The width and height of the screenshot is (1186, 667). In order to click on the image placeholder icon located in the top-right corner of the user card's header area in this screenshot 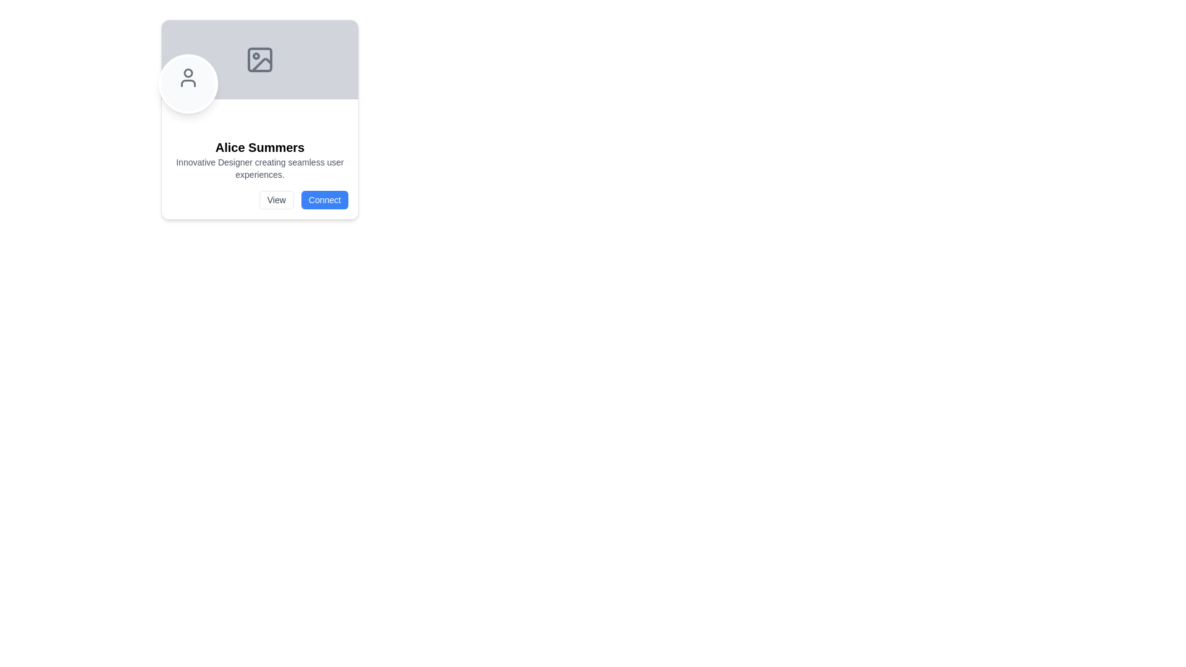, I will do `click(259, 59)`.